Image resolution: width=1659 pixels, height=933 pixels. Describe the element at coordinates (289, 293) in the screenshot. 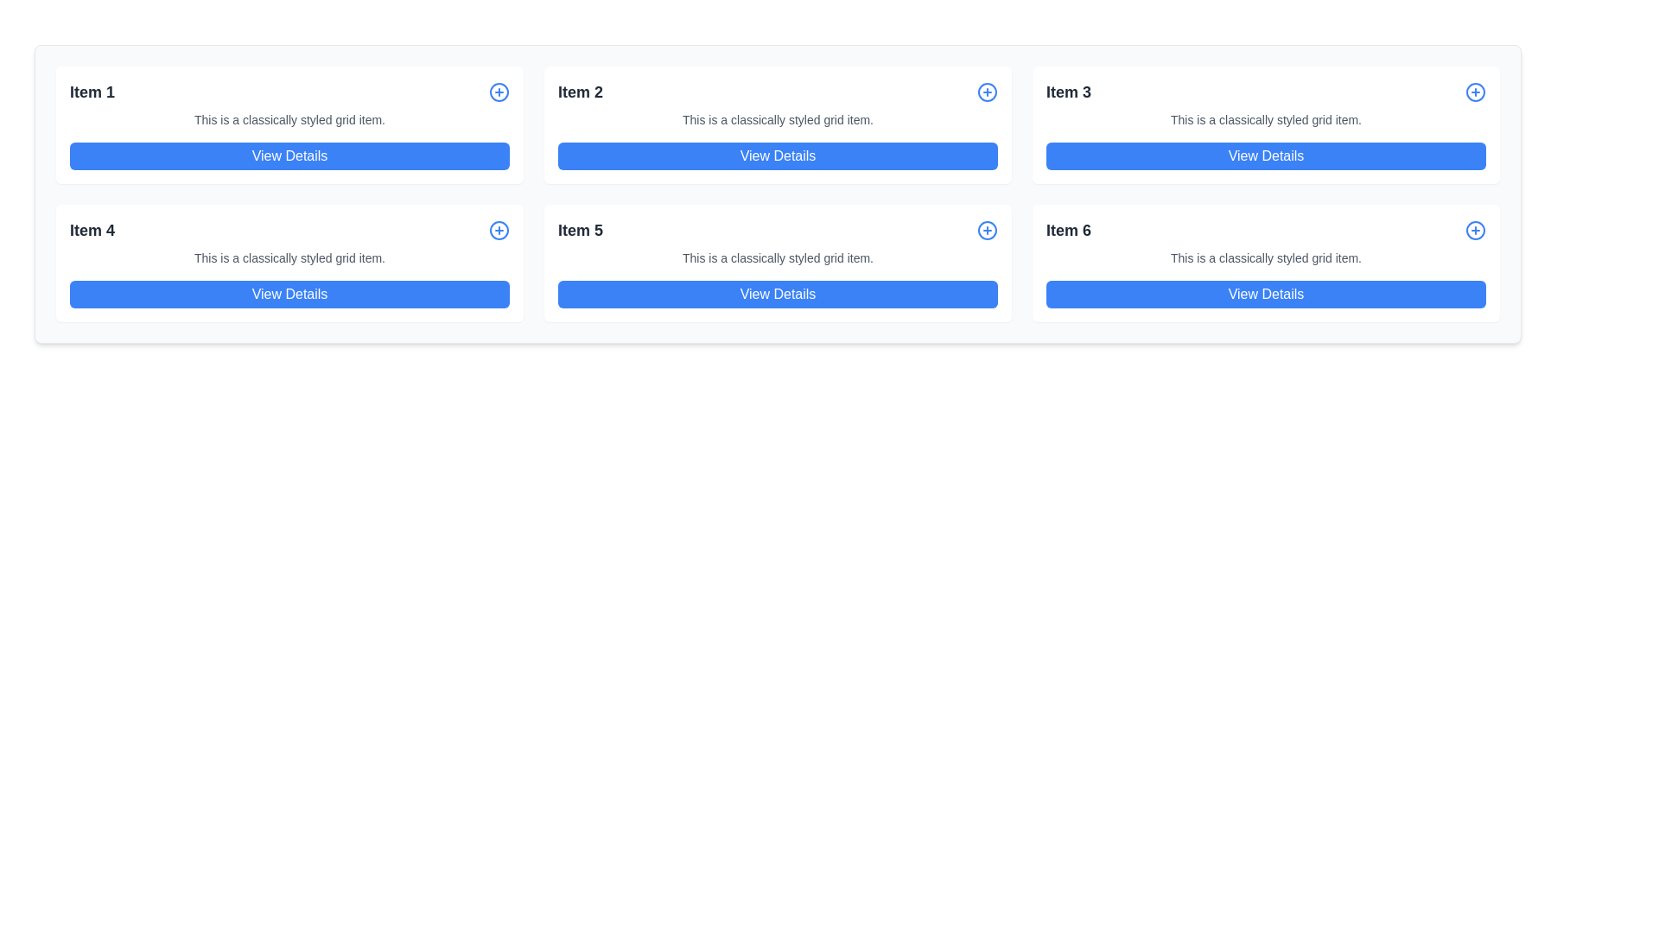

I see `the 'View Details' button, which is a rectangular button with white text and a blue background located at the bottom of the grid item labeled 'Item 4'` at that location.